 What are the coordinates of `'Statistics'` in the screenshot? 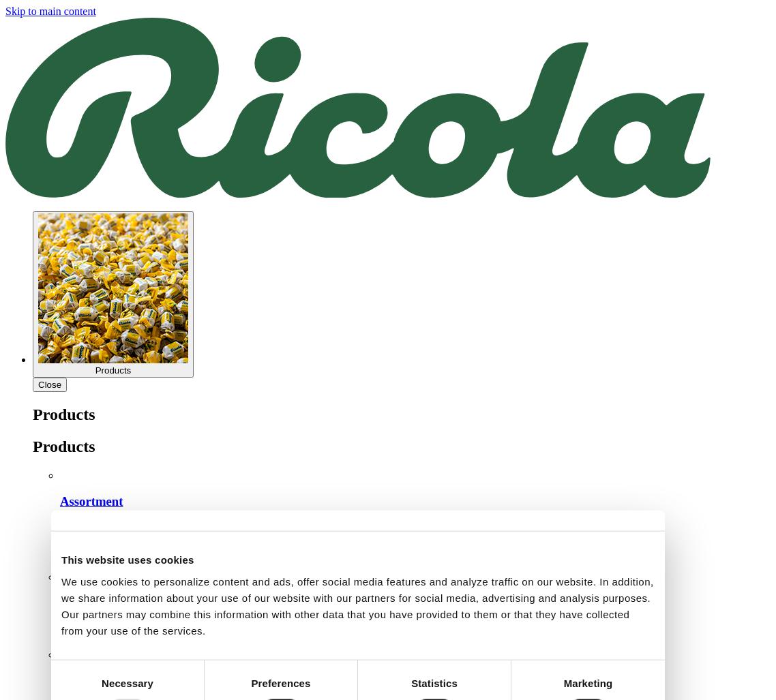 It's located at (433, 682).